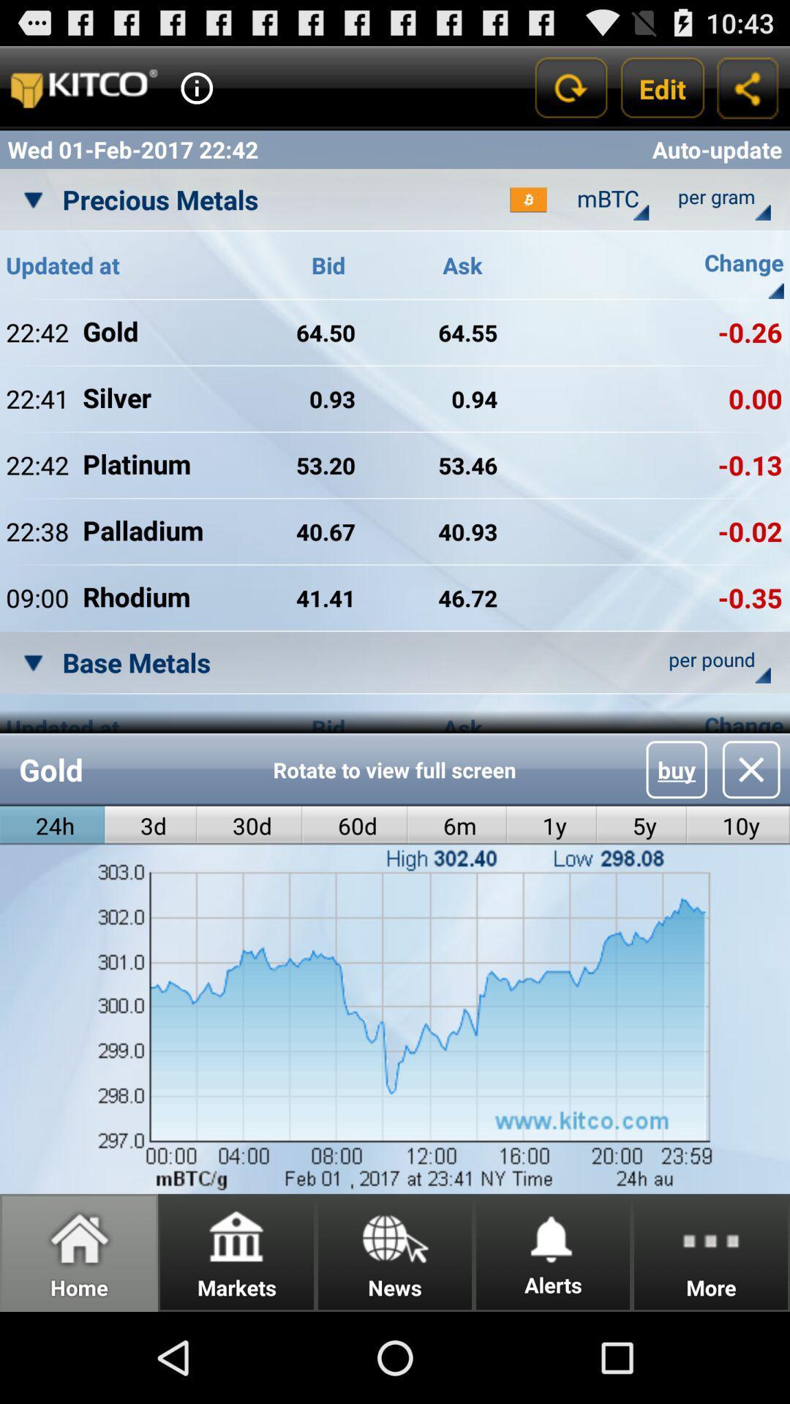 The height and width of the screenshot is (1404, 790). What do you see at coordinates (552, 1236) in the screenshot?
I see `the icon next to news` at bounding box center [552, 1236].